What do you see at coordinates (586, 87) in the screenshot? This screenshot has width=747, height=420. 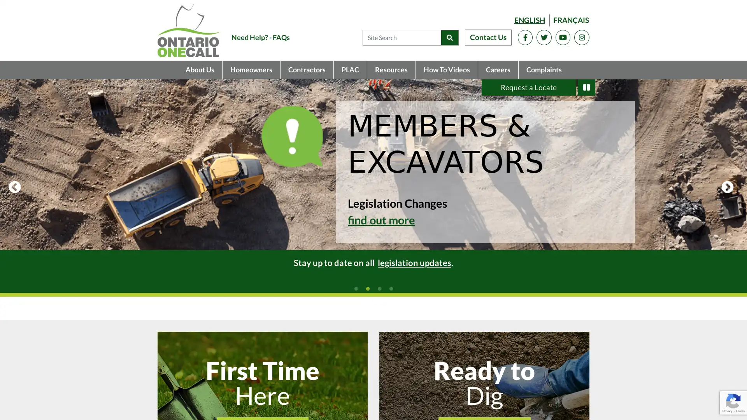 I see `Pause playback` at bounding box center [586, 87].